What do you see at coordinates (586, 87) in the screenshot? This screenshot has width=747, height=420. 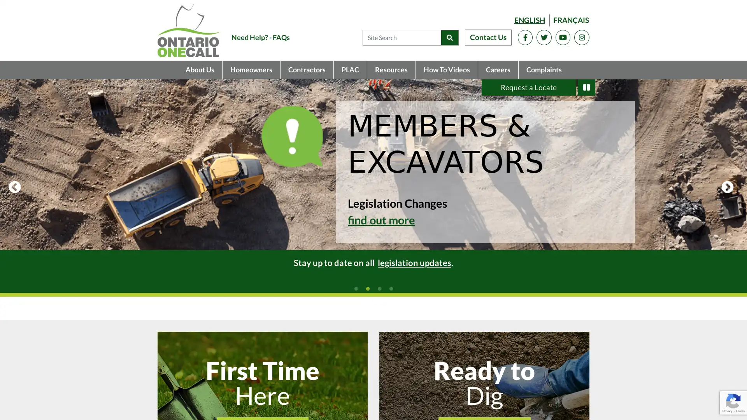 I see `Pause playback` at bounding box center [586, 87].